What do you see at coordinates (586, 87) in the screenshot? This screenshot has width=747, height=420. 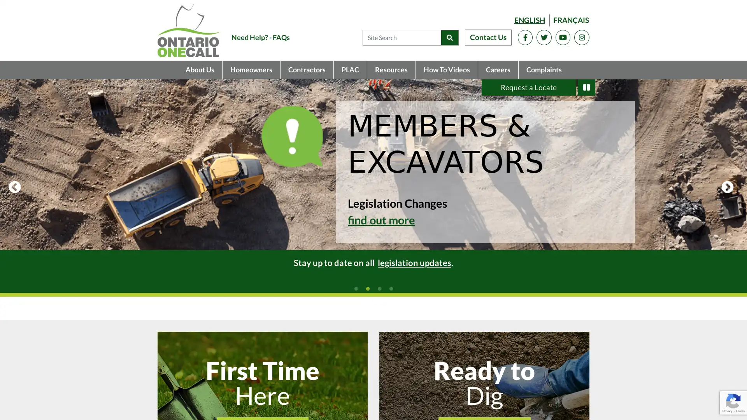 I see `Pause playback` at bounding box center [586, 87].